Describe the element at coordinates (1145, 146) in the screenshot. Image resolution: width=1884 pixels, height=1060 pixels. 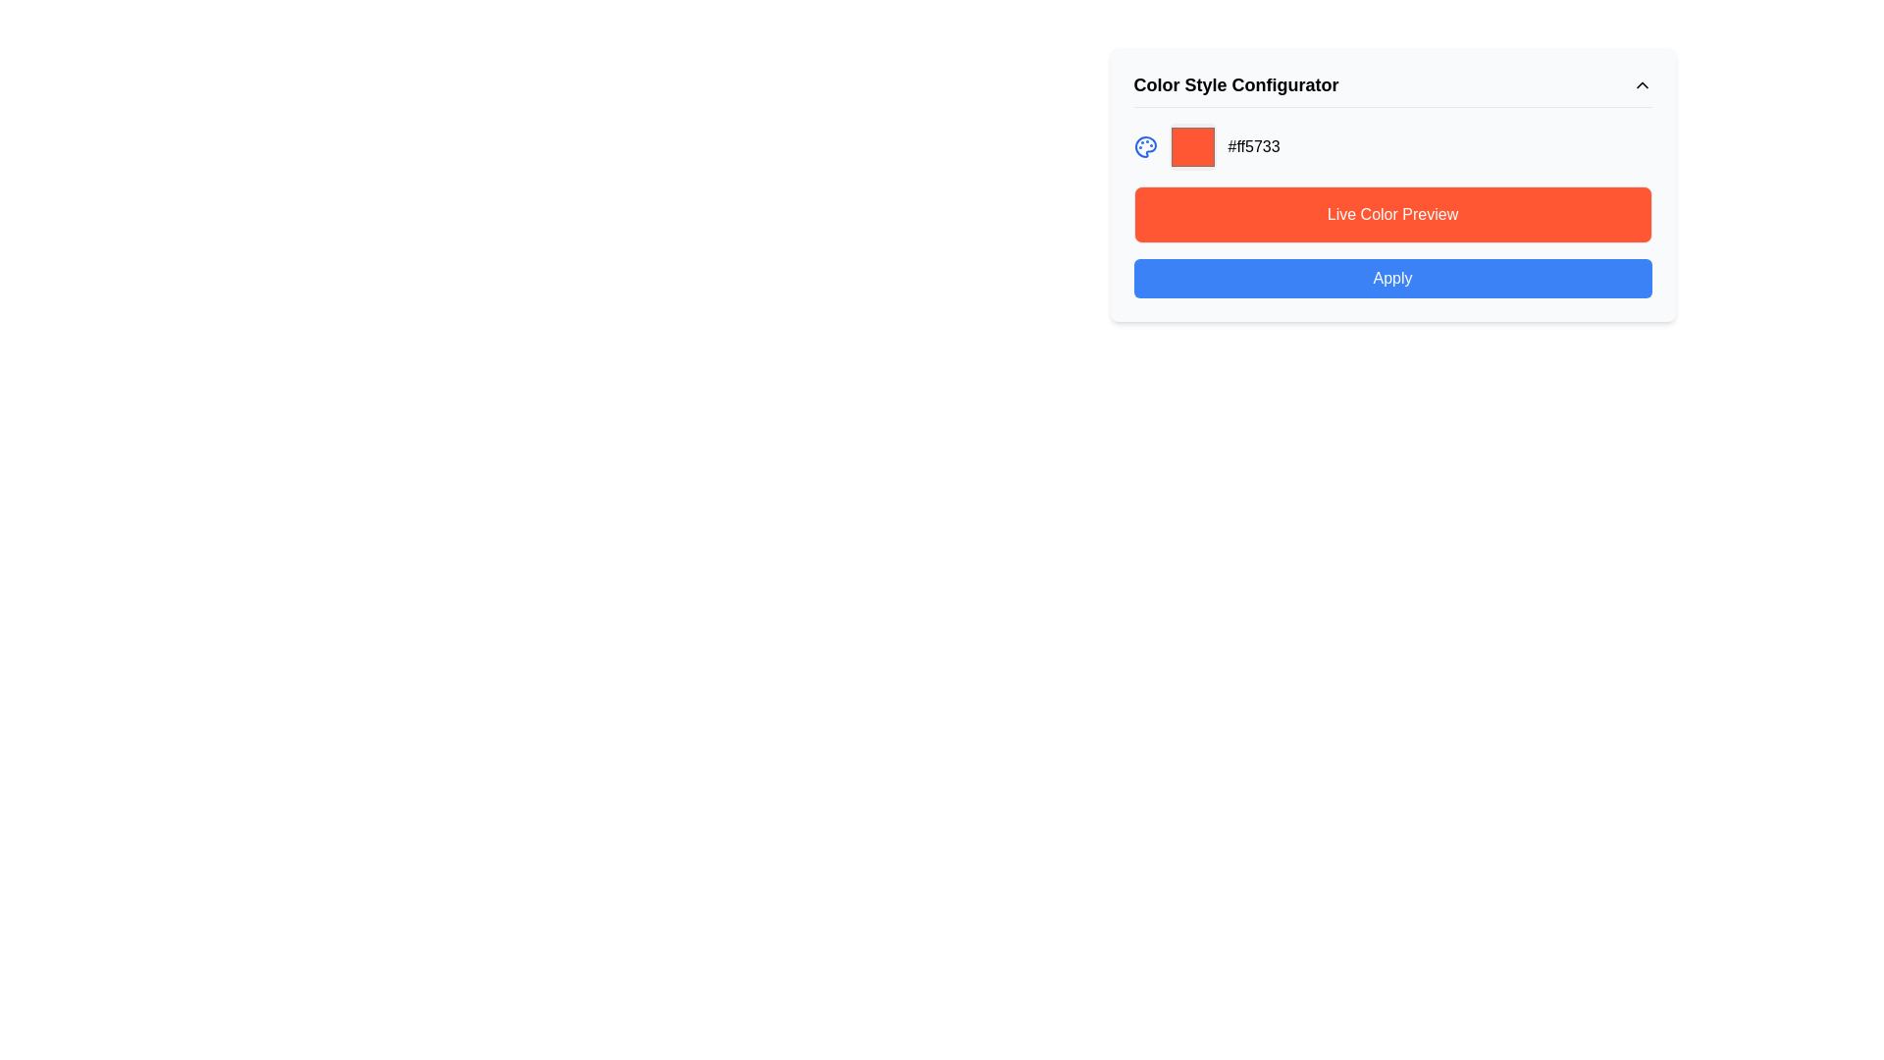
I see `the decorative icon that indicates color or art-related features, located to the left of the color block and color code input, as the first item in the row` at that location.